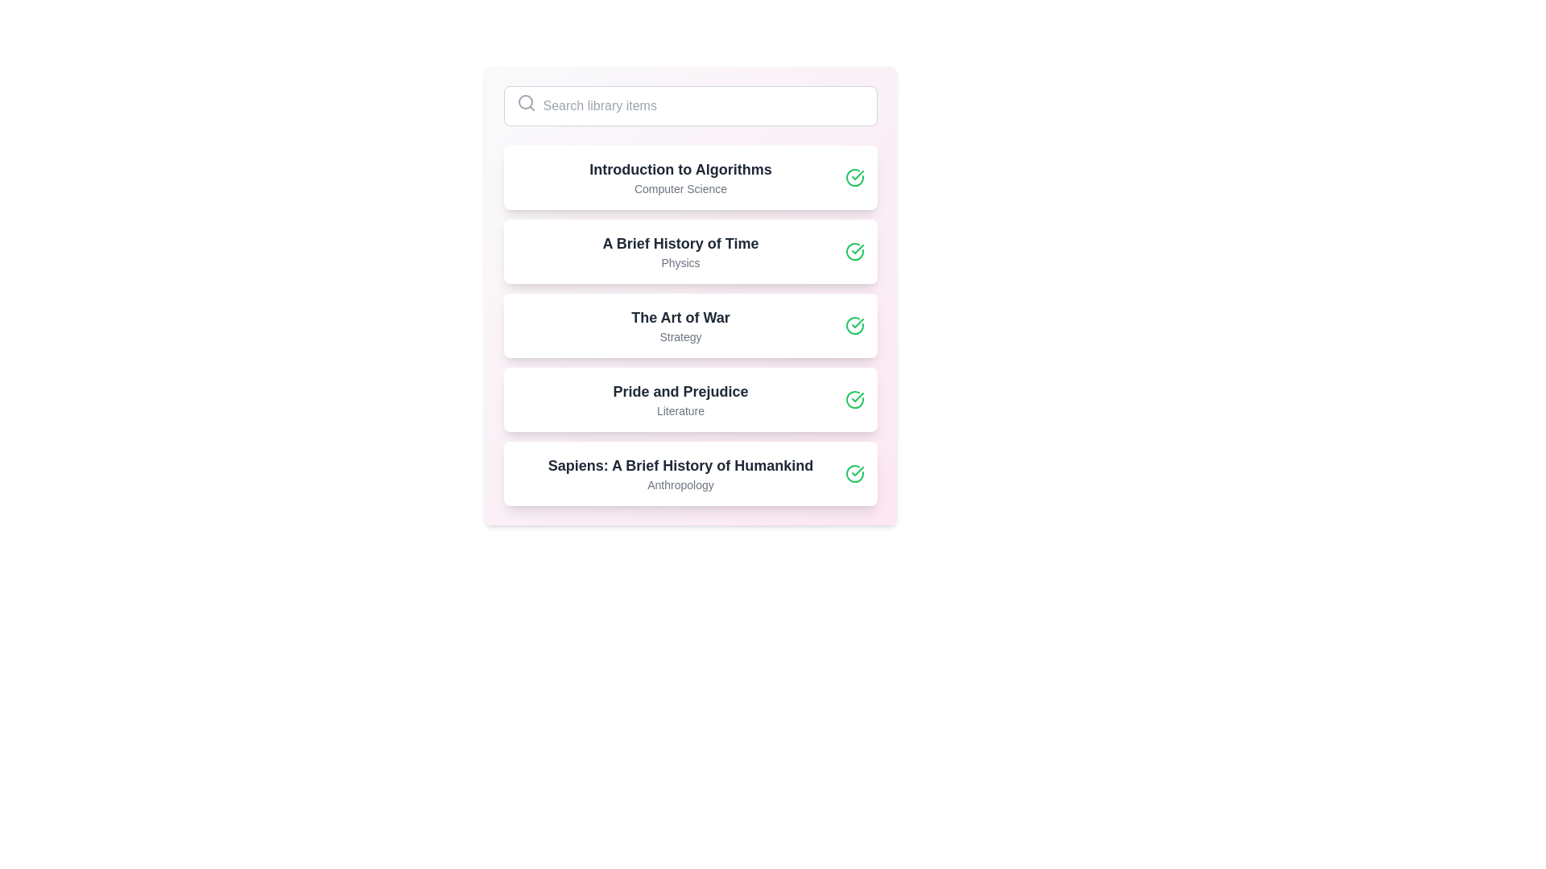 Image resolution: width=1546 pixels, height=869 pixels. I want to click on the composite text element displaying 'A Brief History of Time' and 'Physics', so click(680, 251).